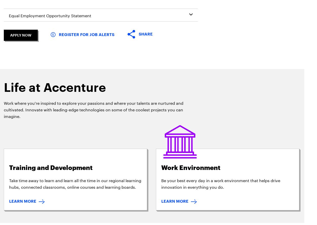 The width and height of the screenshot is (317, 225). Describe the element at coordinates (274, 97) in the screenshot. I see `'© 2023 Accenture. All Rights Reserved.'` at that location.